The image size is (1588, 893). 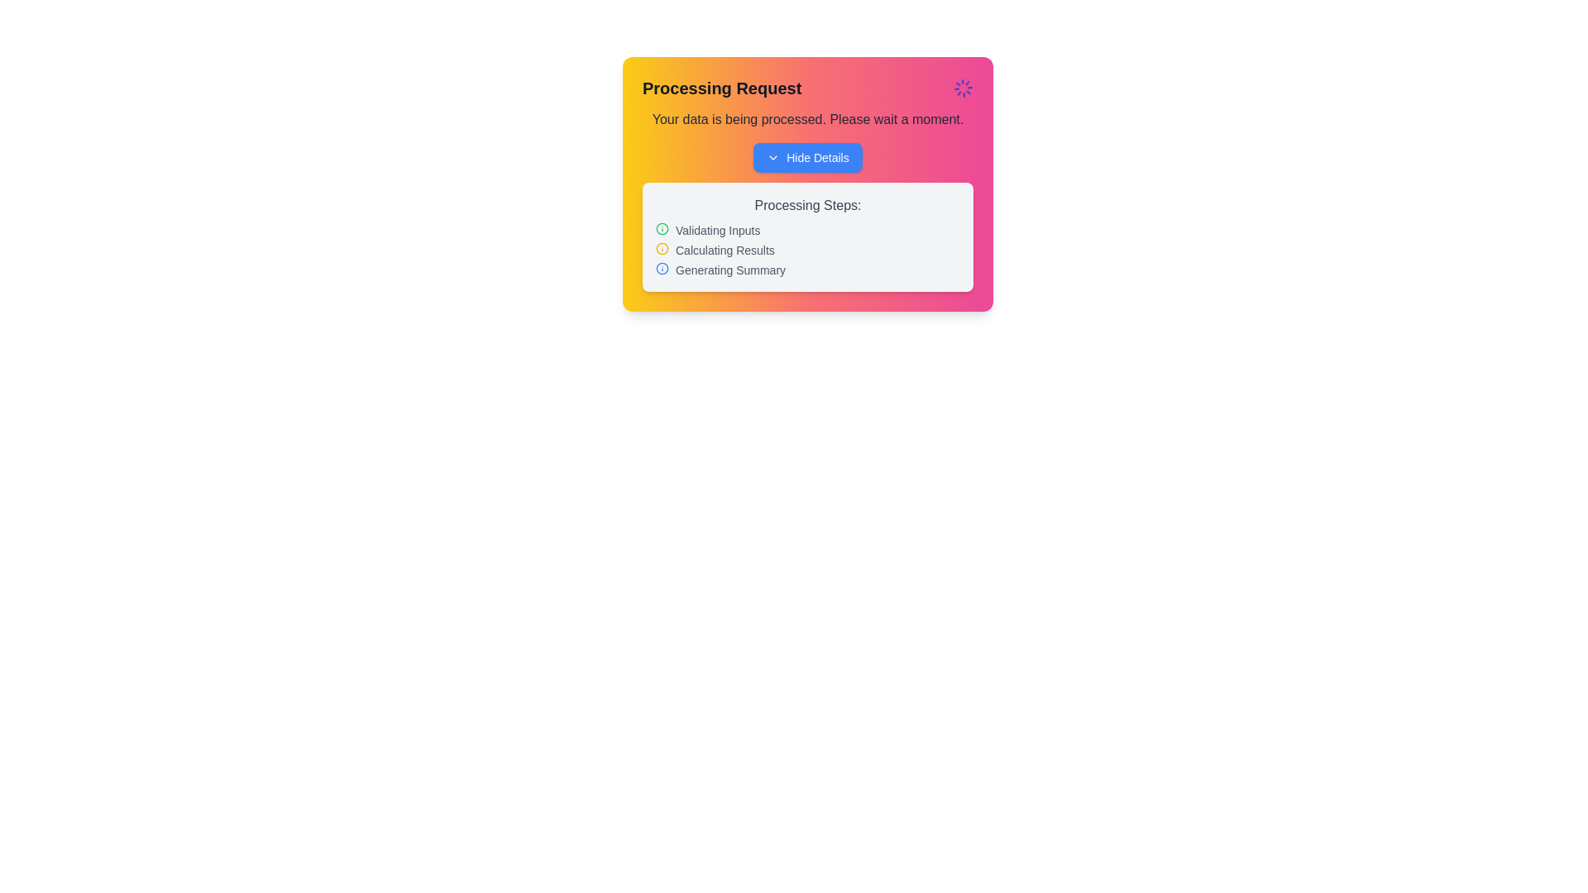 I want to click on the small, downward-facing chevron arrow icon located to the immediate left of the 'Hide Details' text button, which is in the upper part of the card displaying the 'Processing Request' title, so click(x=772, y=158).